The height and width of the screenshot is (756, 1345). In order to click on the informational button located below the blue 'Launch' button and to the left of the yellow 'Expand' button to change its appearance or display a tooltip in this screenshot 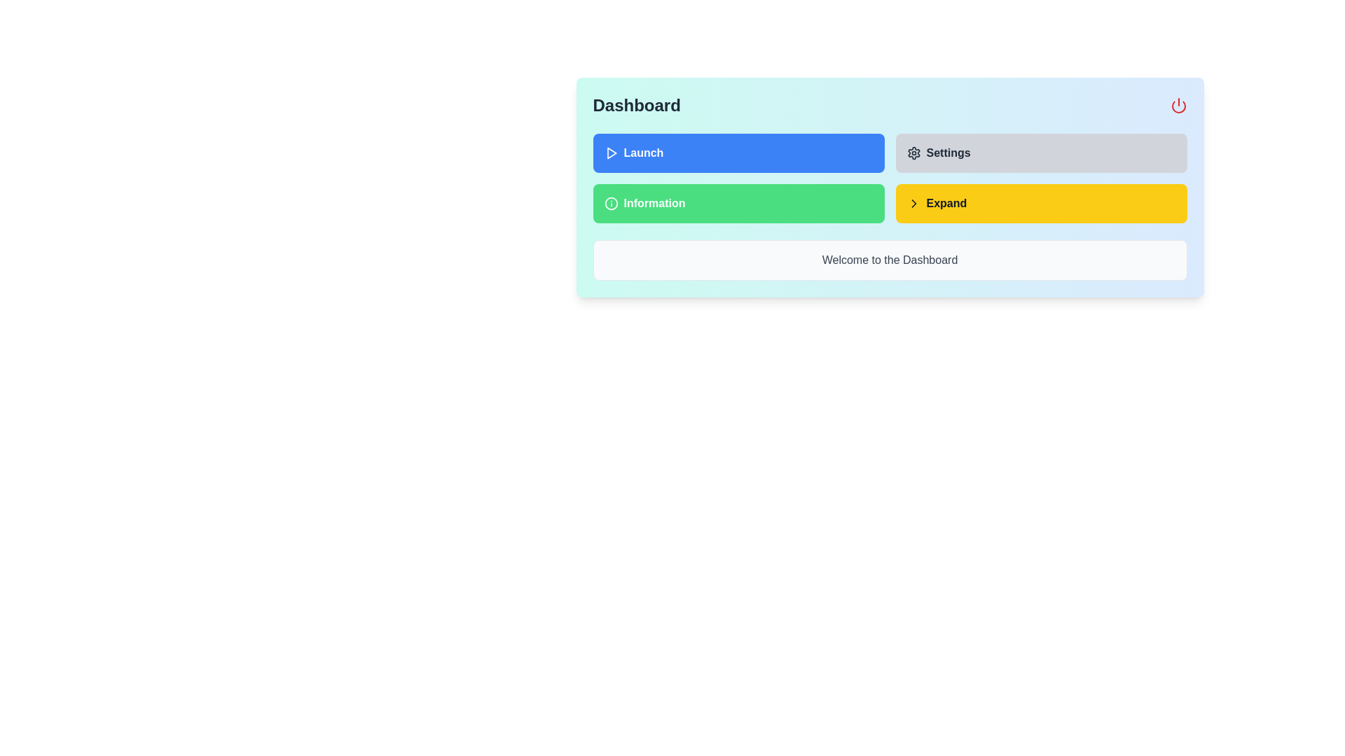, I will do `click(738, 203)`.